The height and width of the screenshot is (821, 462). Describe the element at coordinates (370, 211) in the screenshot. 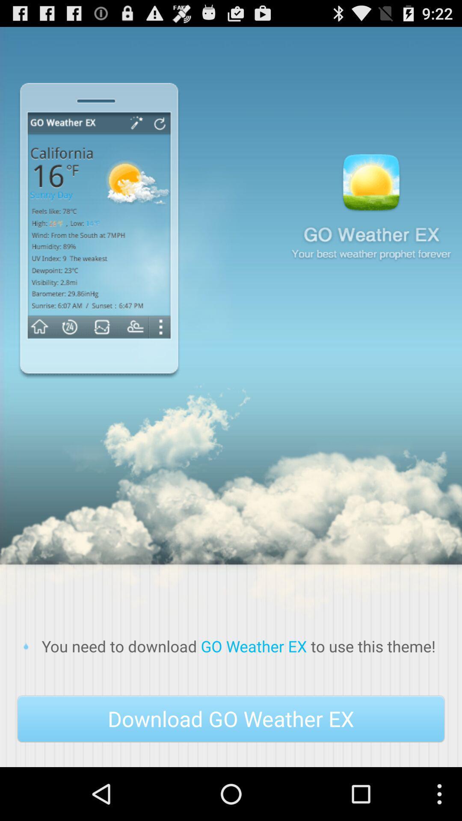

I see `the image on the right corner` at that location.